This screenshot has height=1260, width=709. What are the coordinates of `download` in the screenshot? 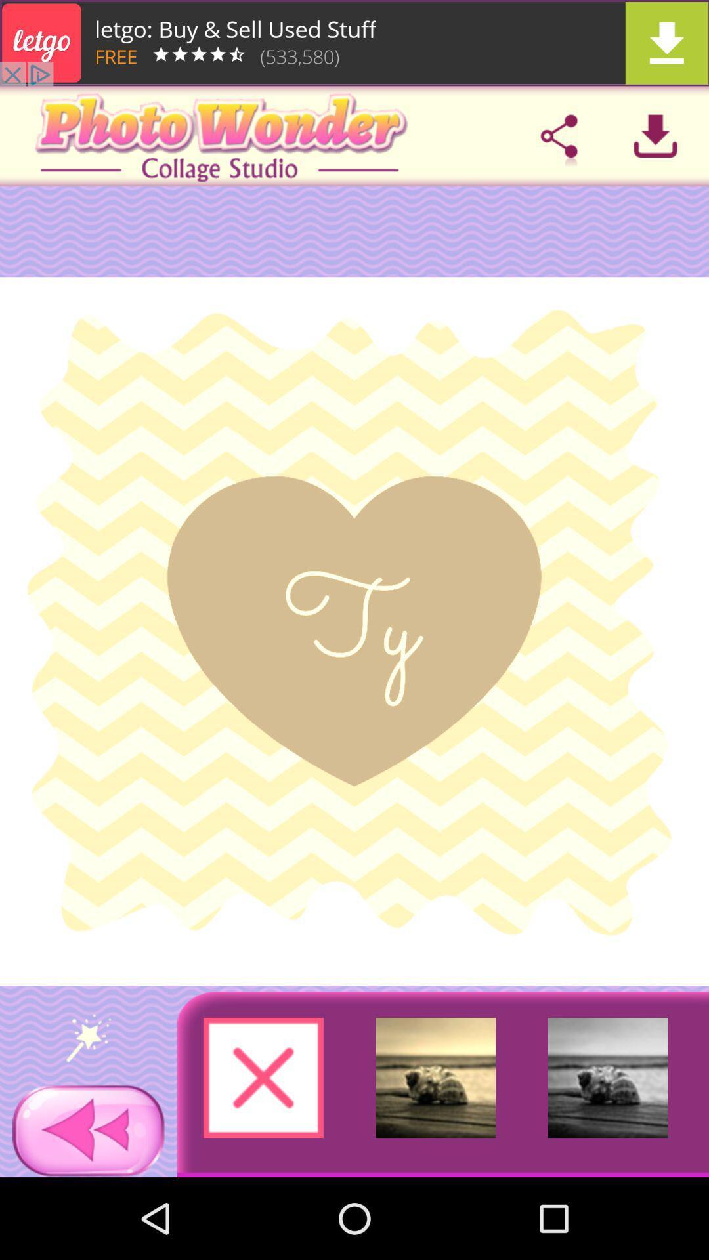 It's located at (354, 43).